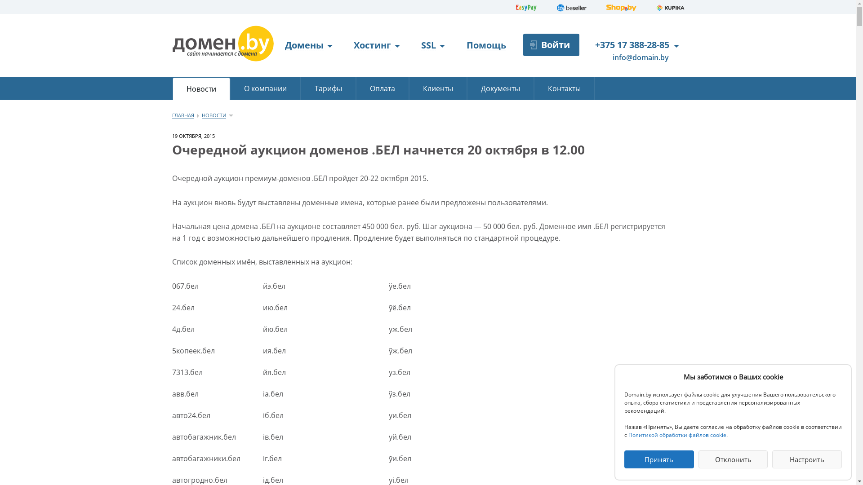 The image size is (863, 485). Describe the element at coordinates (433, 45) in the screenshot. I see `'SSL'` at that location.